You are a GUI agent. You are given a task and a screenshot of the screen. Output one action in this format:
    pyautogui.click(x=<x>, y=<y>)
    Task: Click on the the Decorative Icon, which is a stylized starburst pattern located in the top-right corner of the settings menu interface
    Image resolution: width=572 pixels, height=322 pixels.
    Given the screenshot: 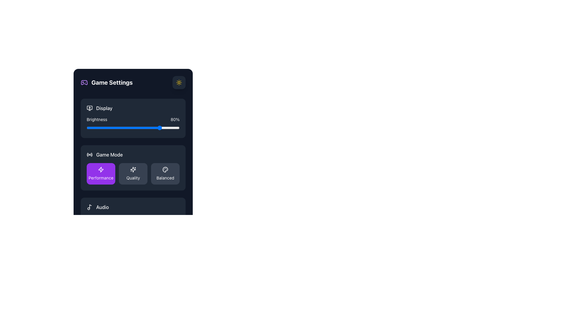 What is the action you would take?
    pyautogui.click(x=133, y=170)
    